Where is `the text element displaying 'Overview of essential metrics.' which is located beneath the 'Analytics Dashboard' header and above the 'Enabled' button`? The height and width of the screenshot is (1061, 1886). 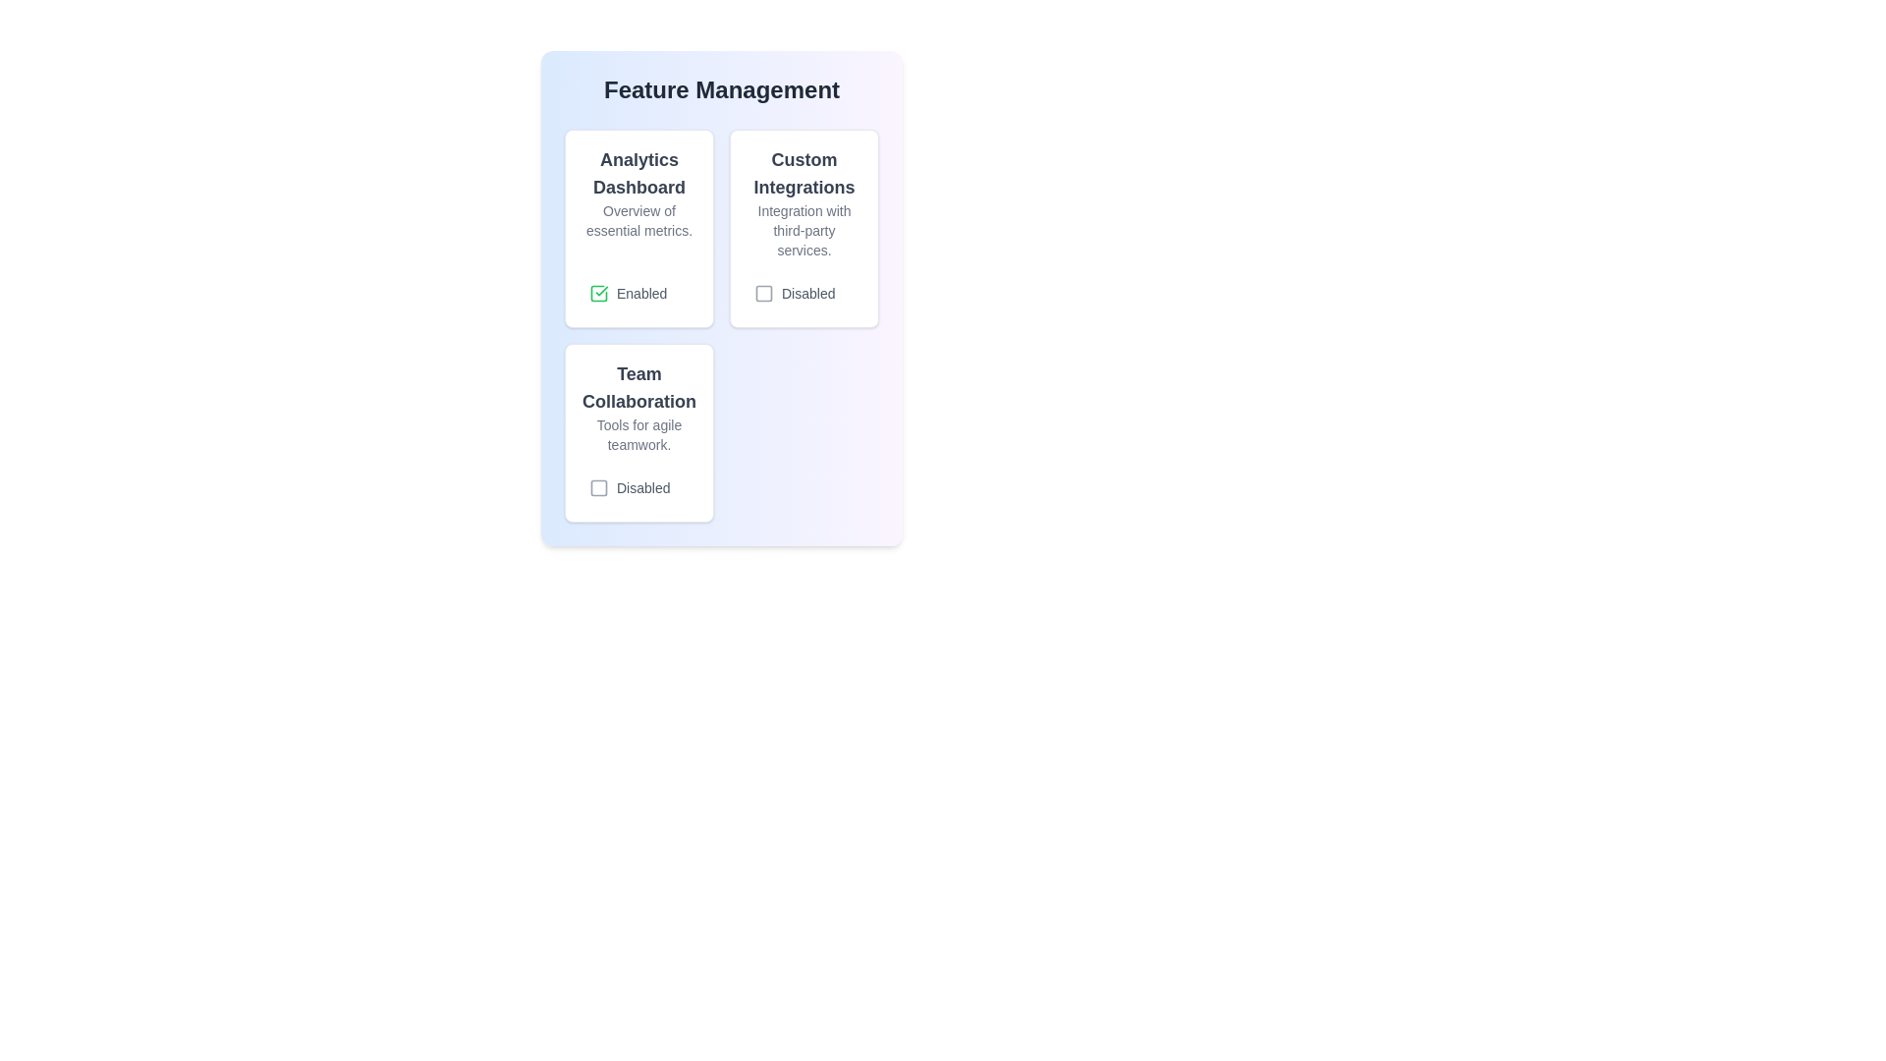 the text element displaying 'Overview of essential metrics.' which is located beneath the 'Analytics Dashboard' header and above the 'Enabled' button is located at coordinates (639, 220).